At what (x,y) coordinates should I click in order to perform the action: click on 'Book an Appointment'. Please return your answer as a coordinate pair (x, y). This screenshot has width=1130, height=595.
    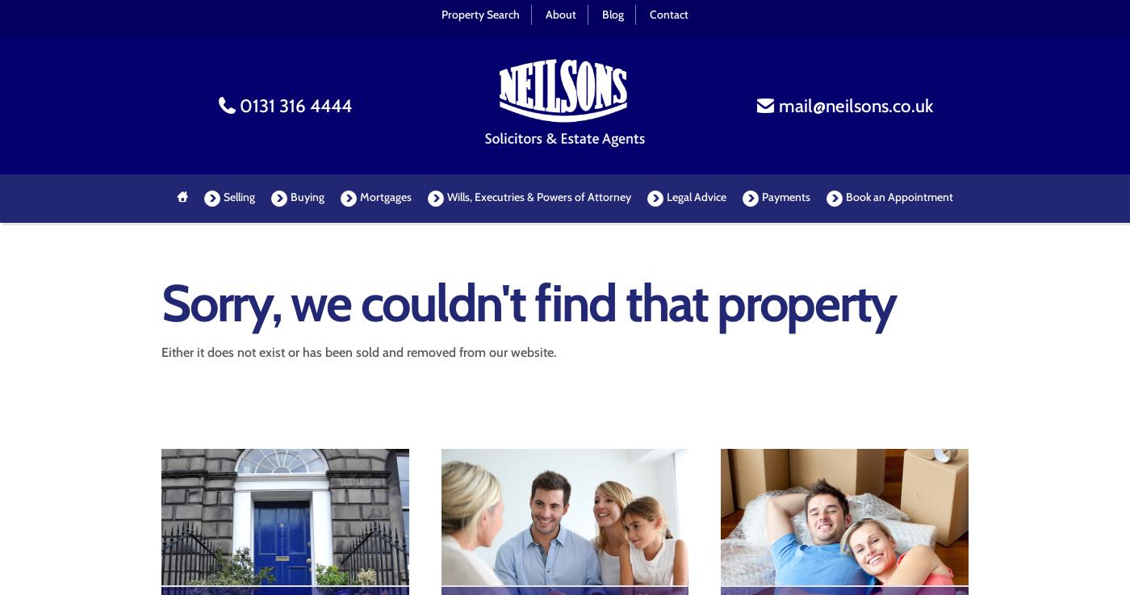
    Looking at the image, I should click on (899, 197).